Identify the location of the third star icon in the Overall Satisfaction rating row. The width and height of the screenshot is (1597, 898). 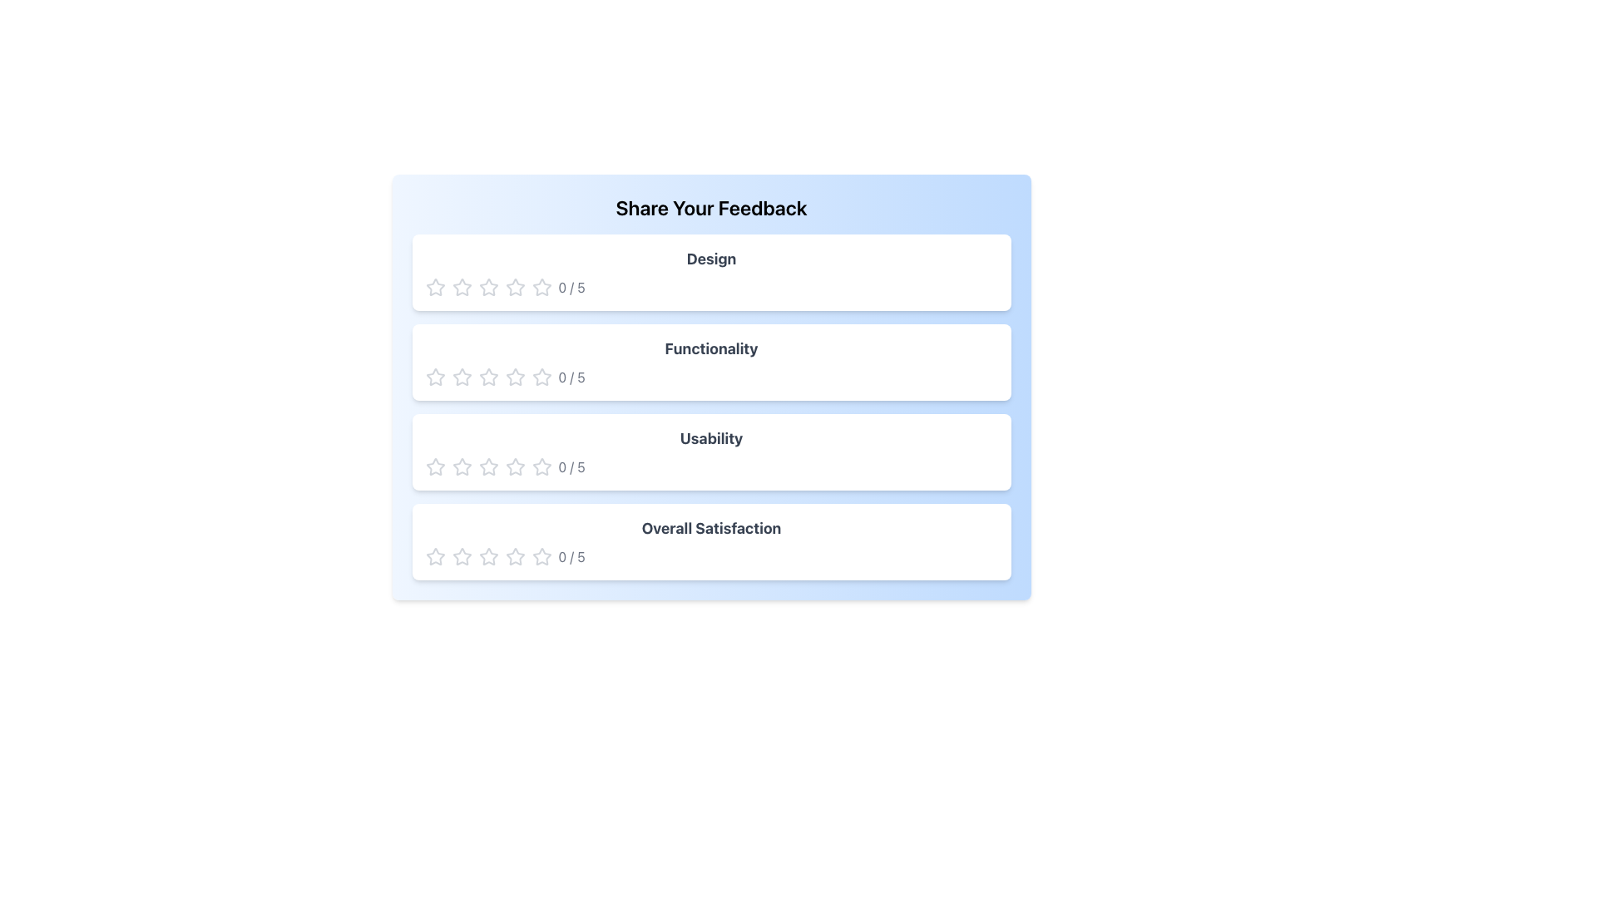
(487, 557).